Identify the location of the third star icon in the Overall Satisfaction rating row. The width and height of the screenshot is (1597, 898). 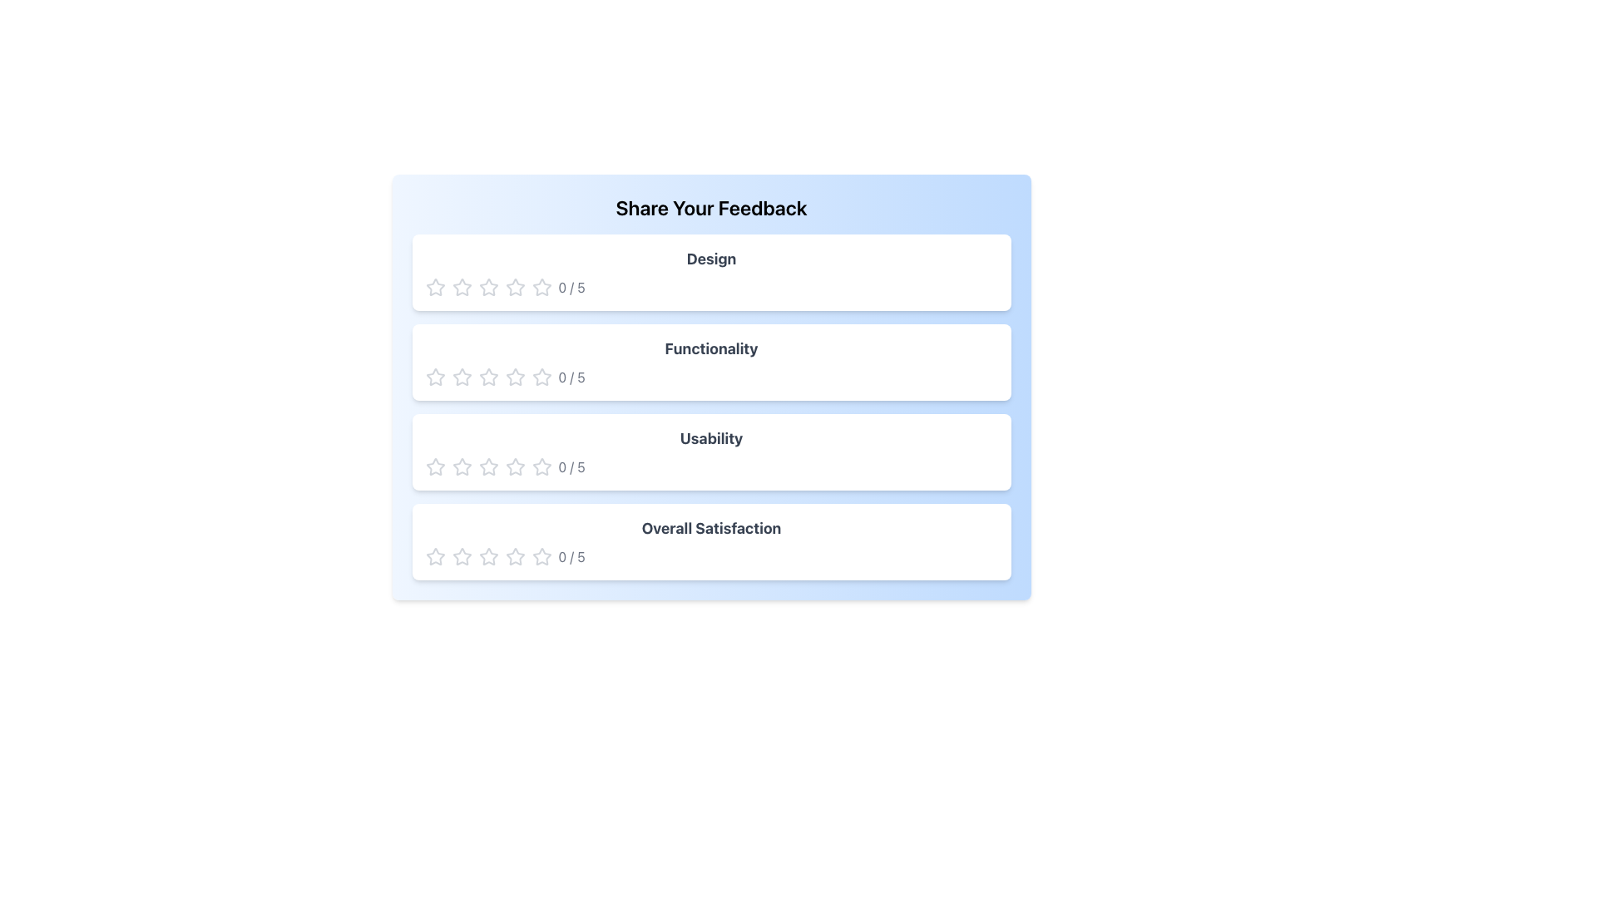
(487, 557).